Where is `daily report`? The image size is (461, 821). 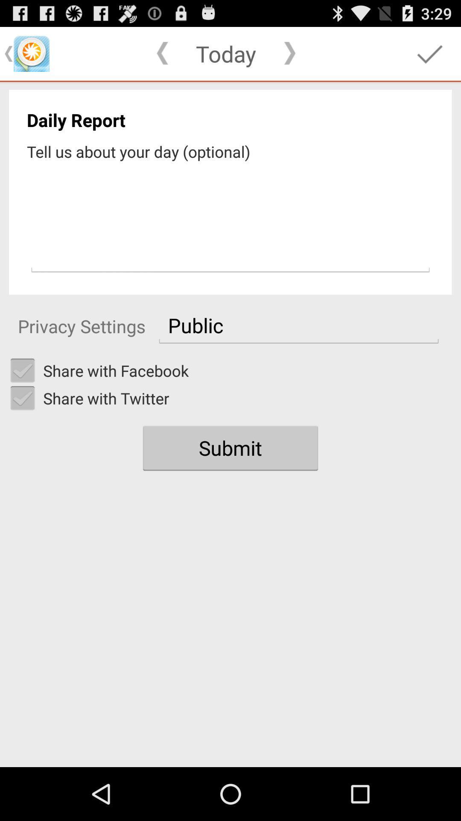 daily report is located at coordinates (230, 219).